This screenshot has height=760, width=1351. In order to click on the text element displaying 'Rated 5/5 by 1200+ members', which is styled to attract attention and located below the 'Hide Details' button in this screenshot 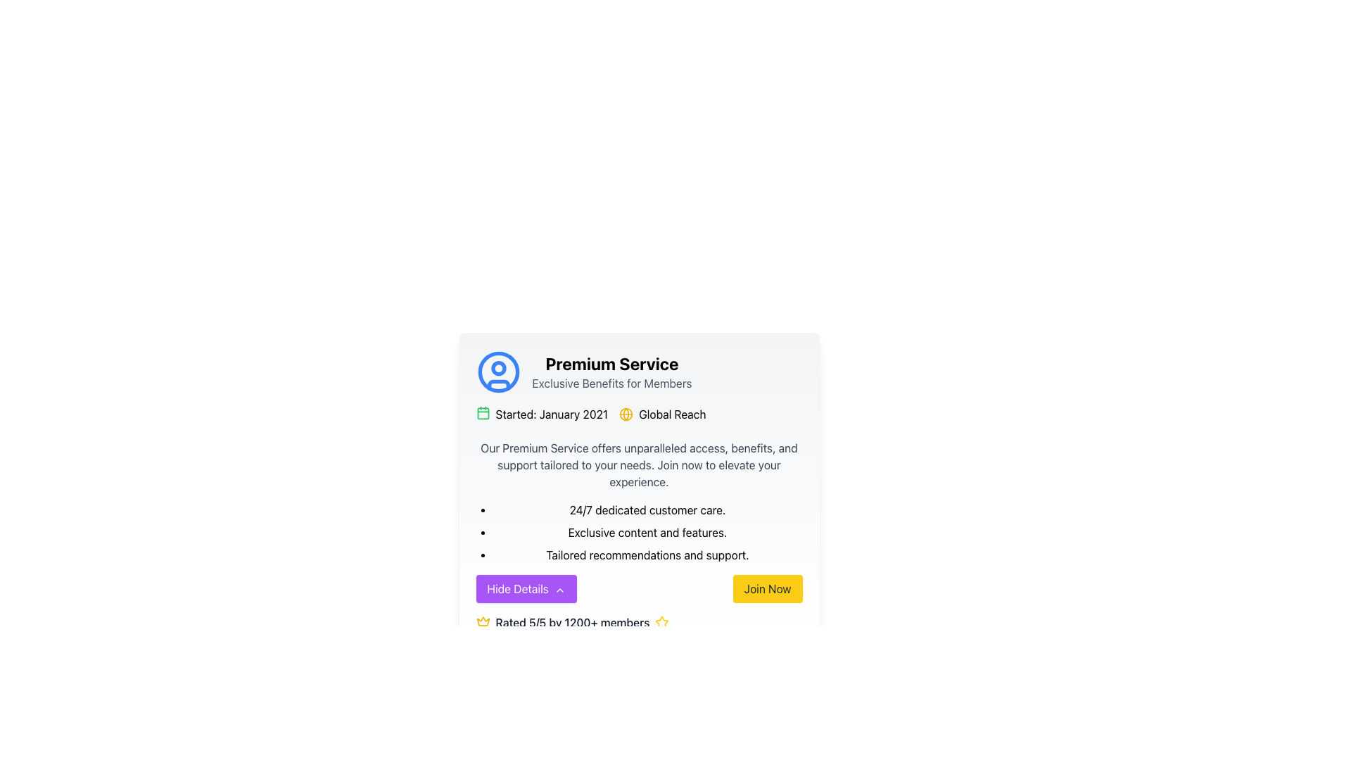, I will do `click(572, 621)`.